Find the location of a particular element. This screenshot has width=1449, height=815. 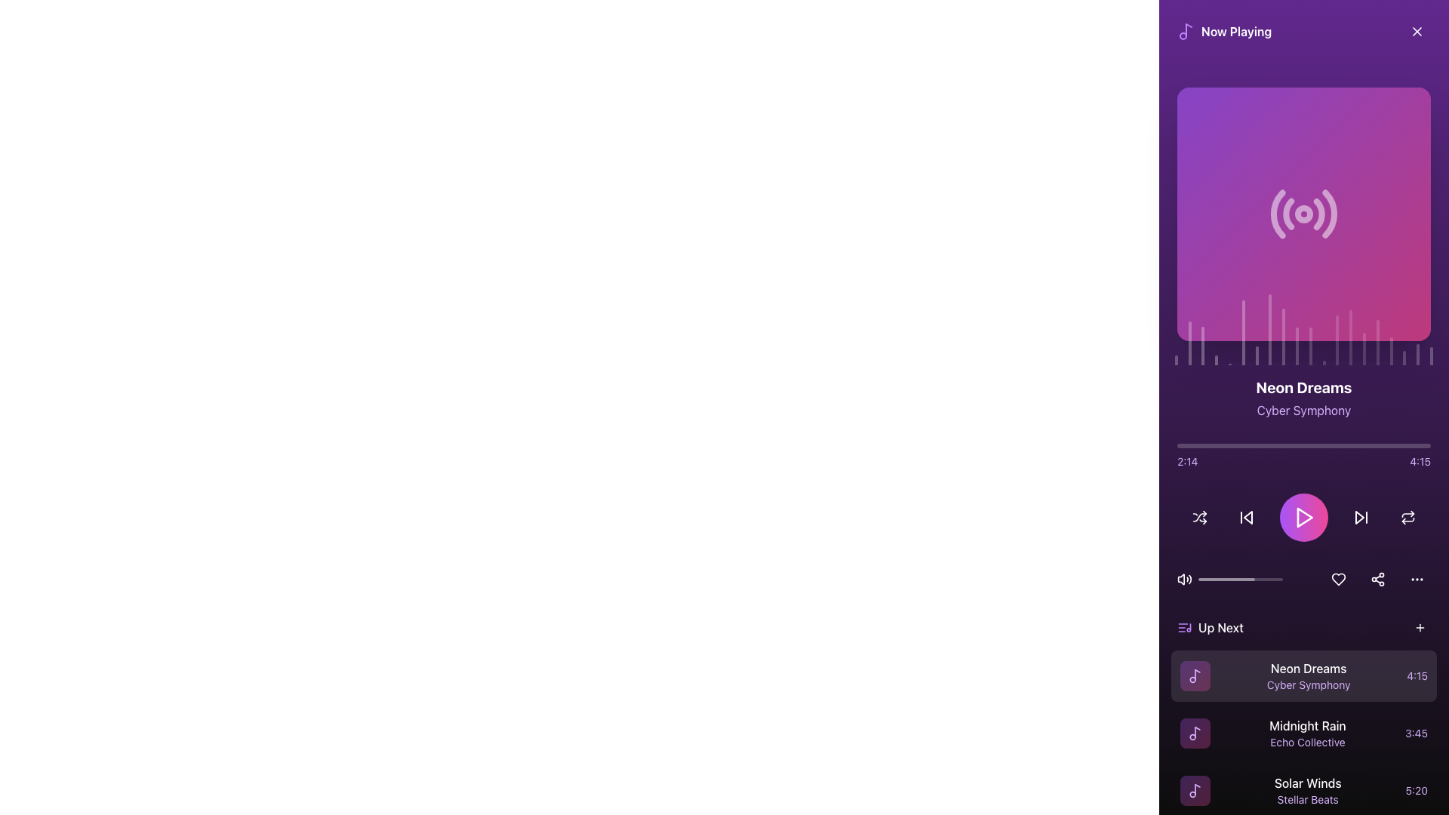

the animation of the second vertical bar in the dynamic audio waveform chart to interpret audio activity is located at coordinates (1189, 343).